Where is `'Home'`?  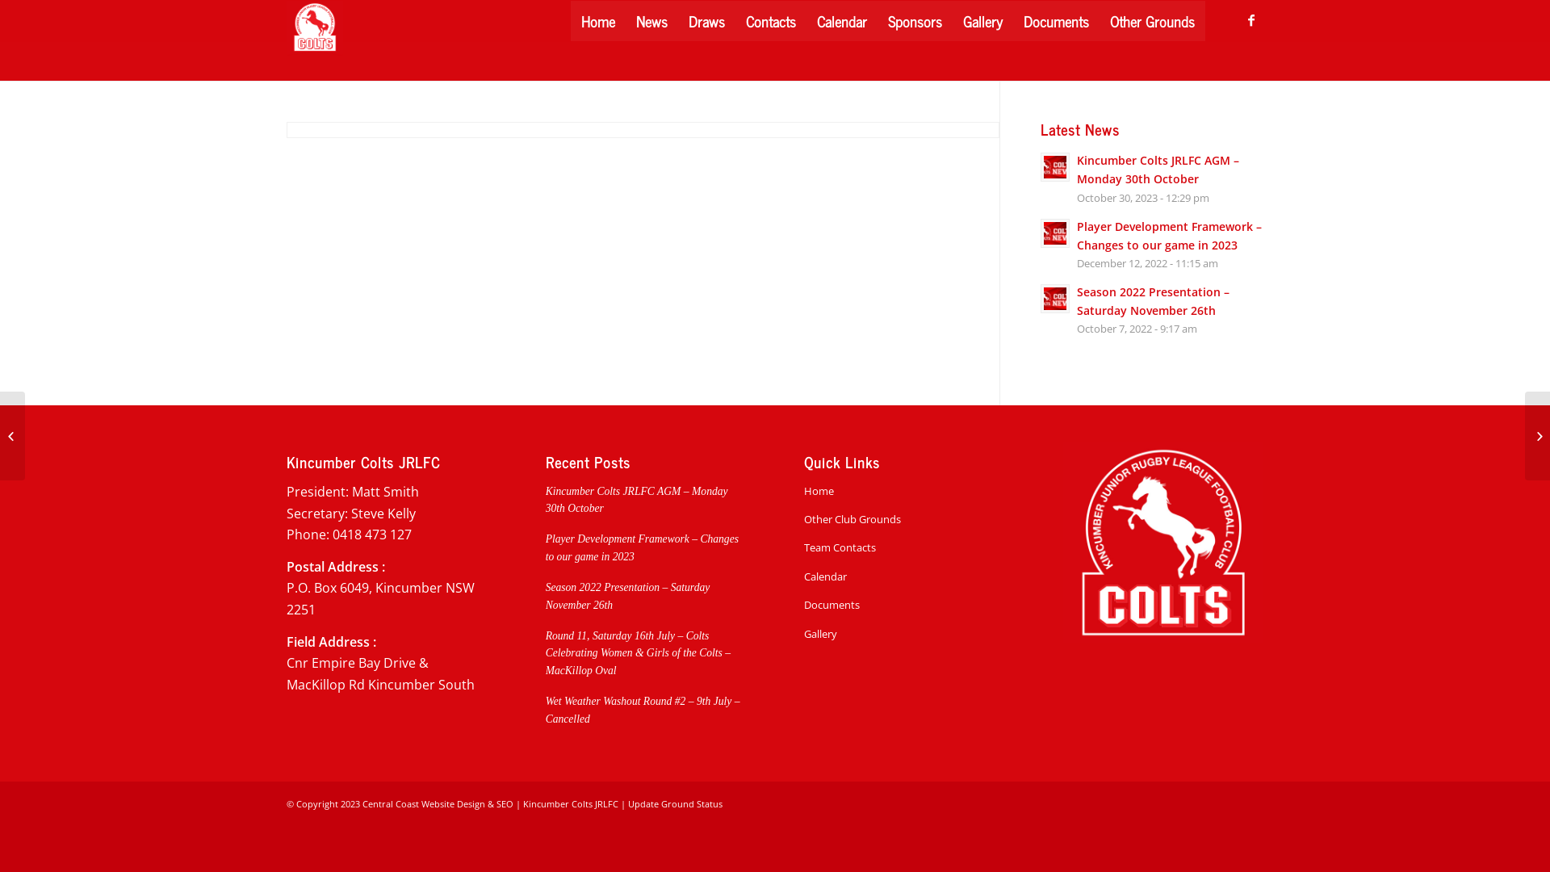
'Home' is located at coordinates (597, 21).